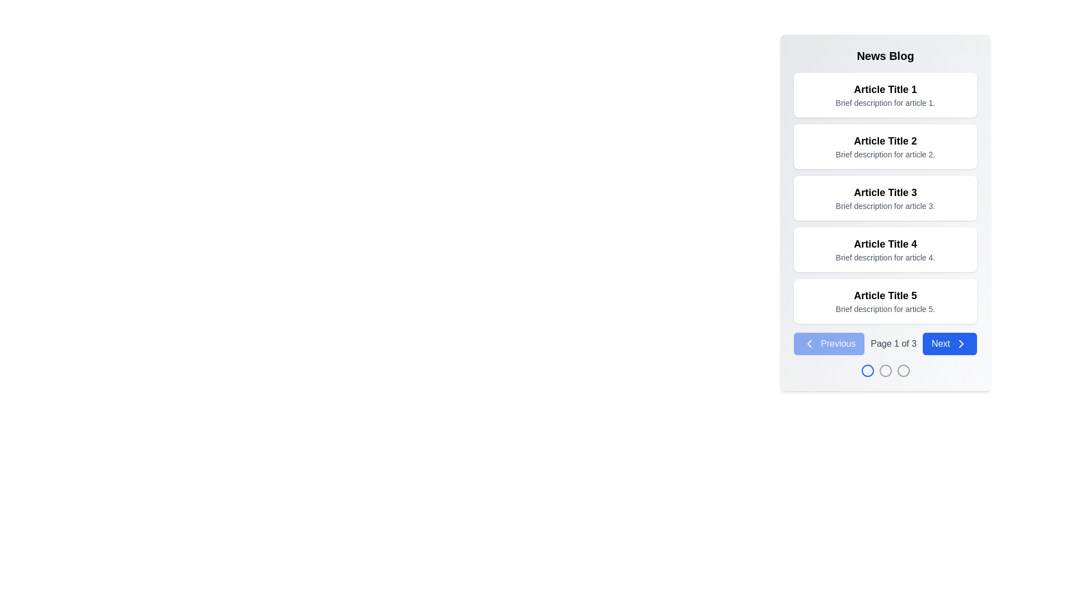  I want to click on the second gray circular icon in the pagination control, so click(885, 371).